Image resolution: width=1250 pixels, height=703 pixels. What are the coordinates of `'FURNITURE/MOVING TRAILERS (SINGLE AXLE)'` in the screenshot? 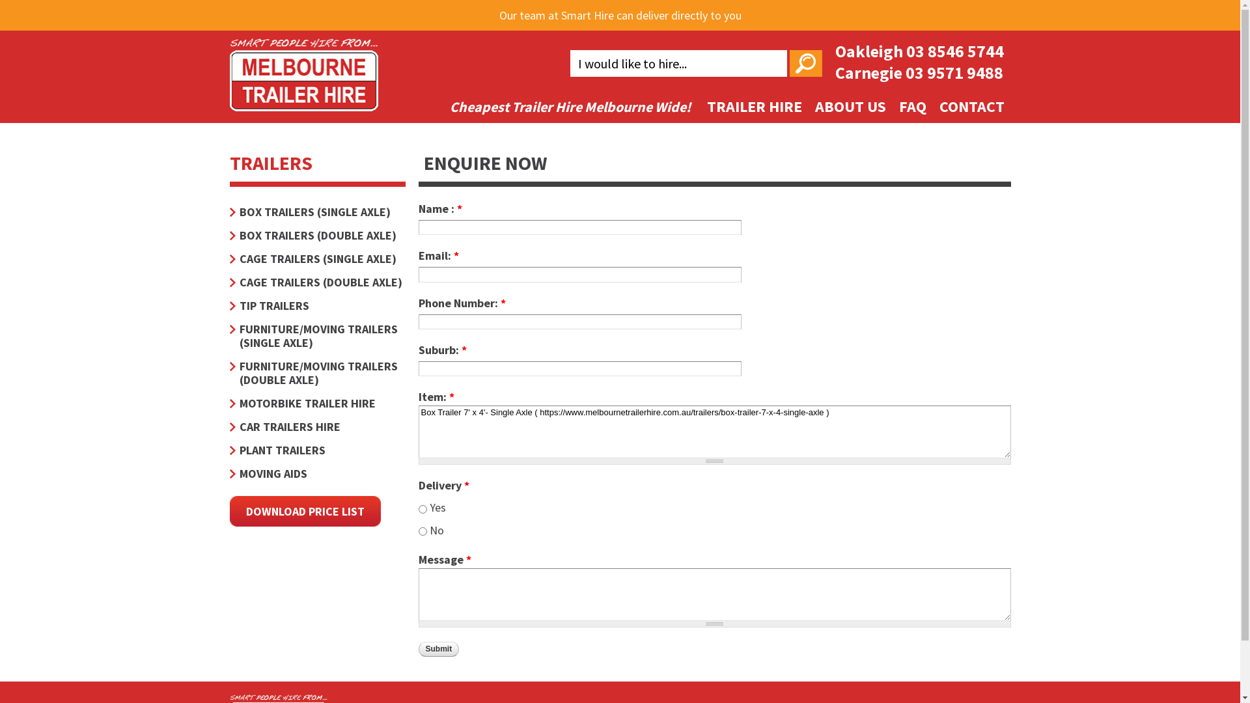 It's located at (316, 335).